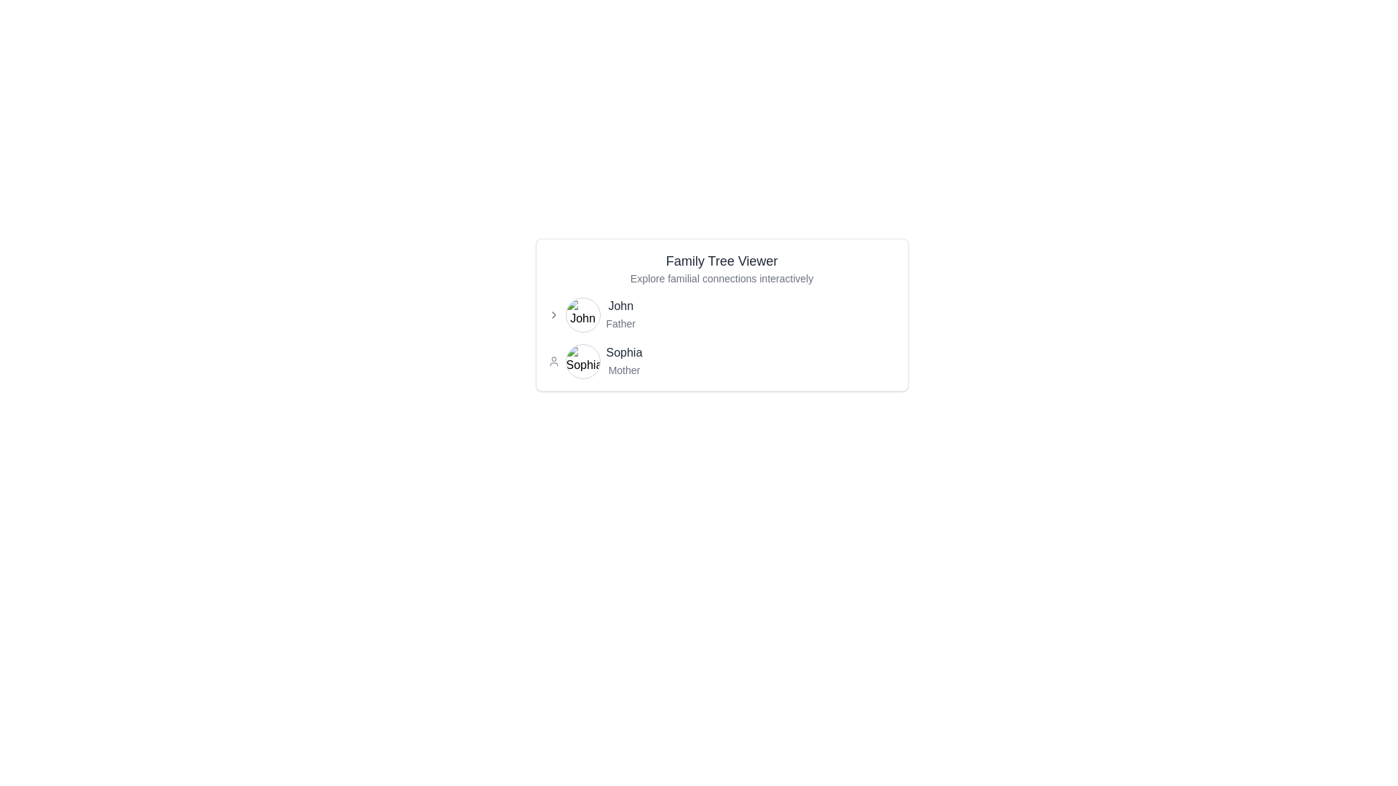 The height and width of the screenshot is (786, 1398). Describe the element at coordinates (620, 322) in the screenshot. I see `the text label displaying 'Father' styled in gray font, located directly beneath the name 'John' in the center-right region of the interface` at that location.